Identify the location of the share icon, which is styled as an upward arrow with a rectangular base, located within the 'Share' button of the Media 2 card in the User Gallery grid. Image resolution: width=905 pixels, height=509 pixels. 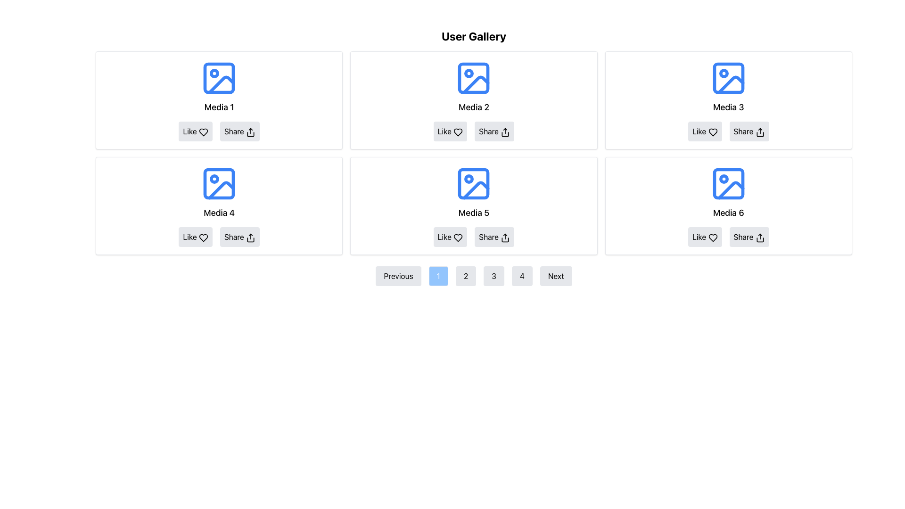
(505, 132).